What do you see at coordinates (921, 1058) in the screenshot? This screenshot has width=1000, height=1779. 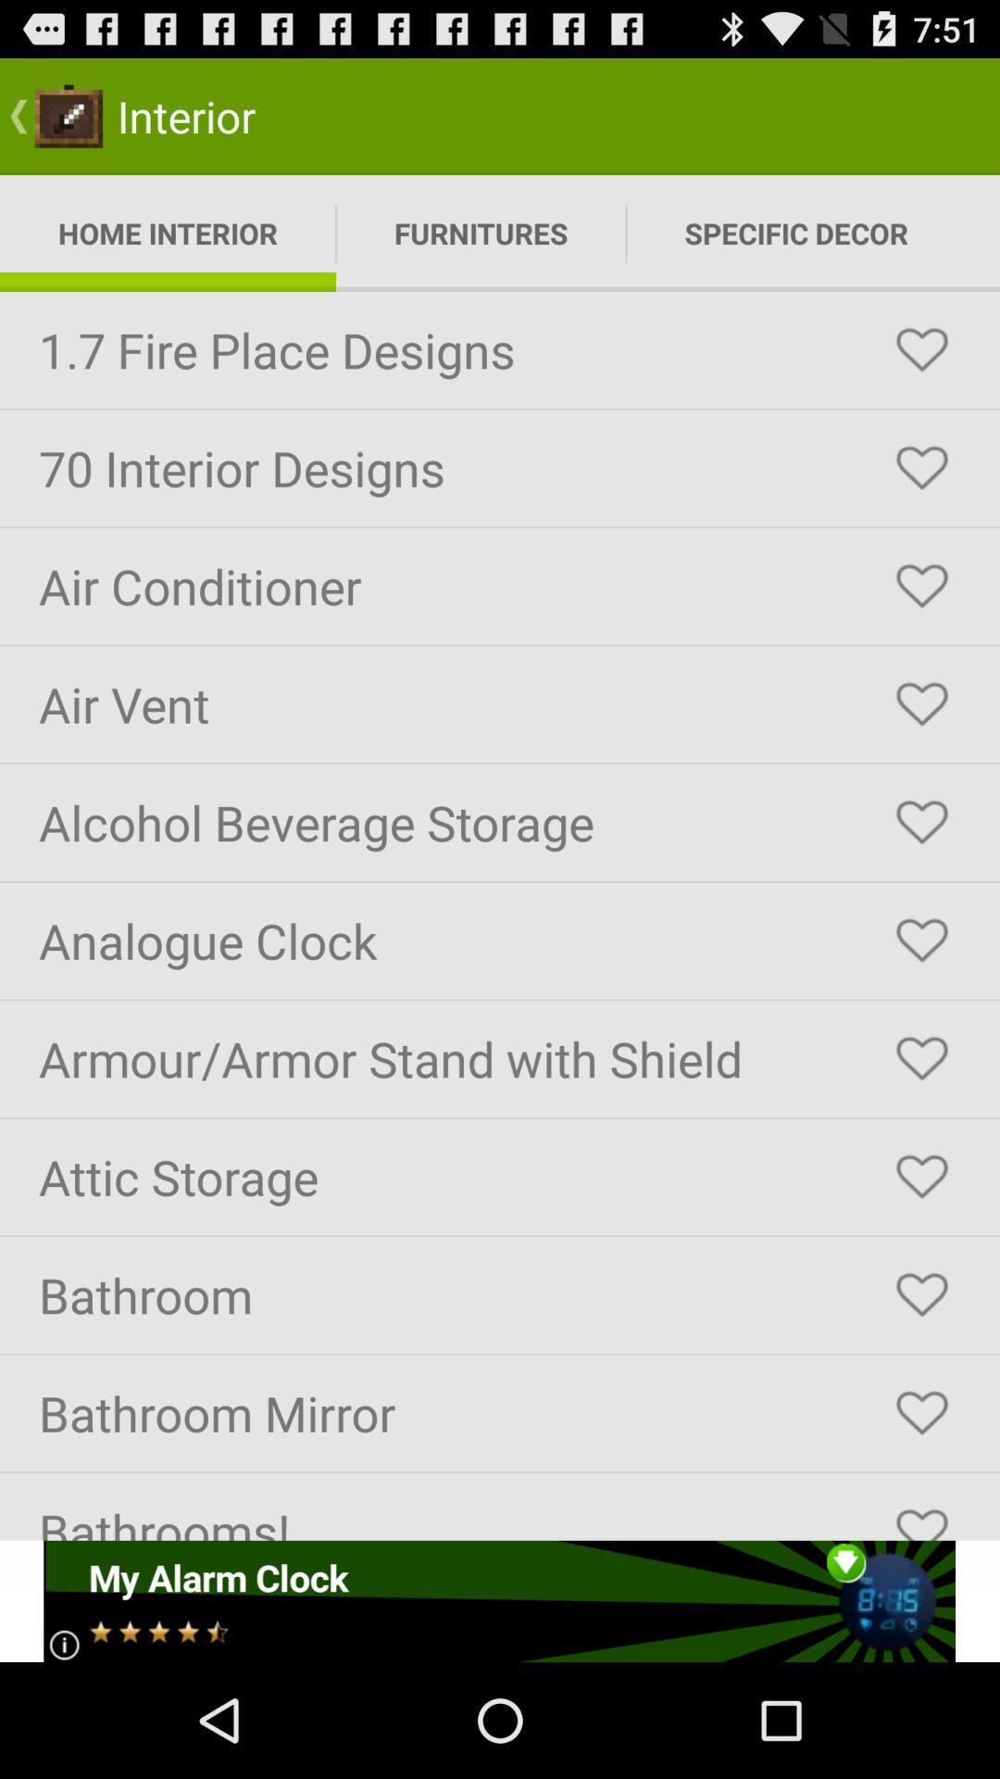 I see `like the corresponding home interior` at bounding box center [921, 1058].